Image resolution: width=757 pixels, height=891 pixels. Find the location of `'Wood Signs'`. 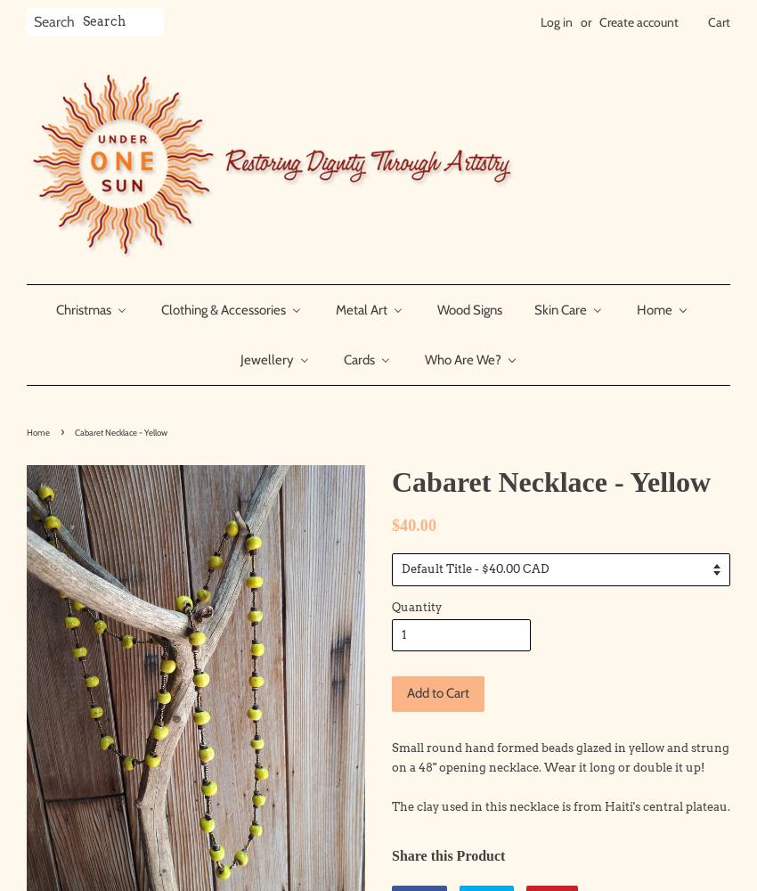

'Wood Signs' is located at coordinates (468, 308).